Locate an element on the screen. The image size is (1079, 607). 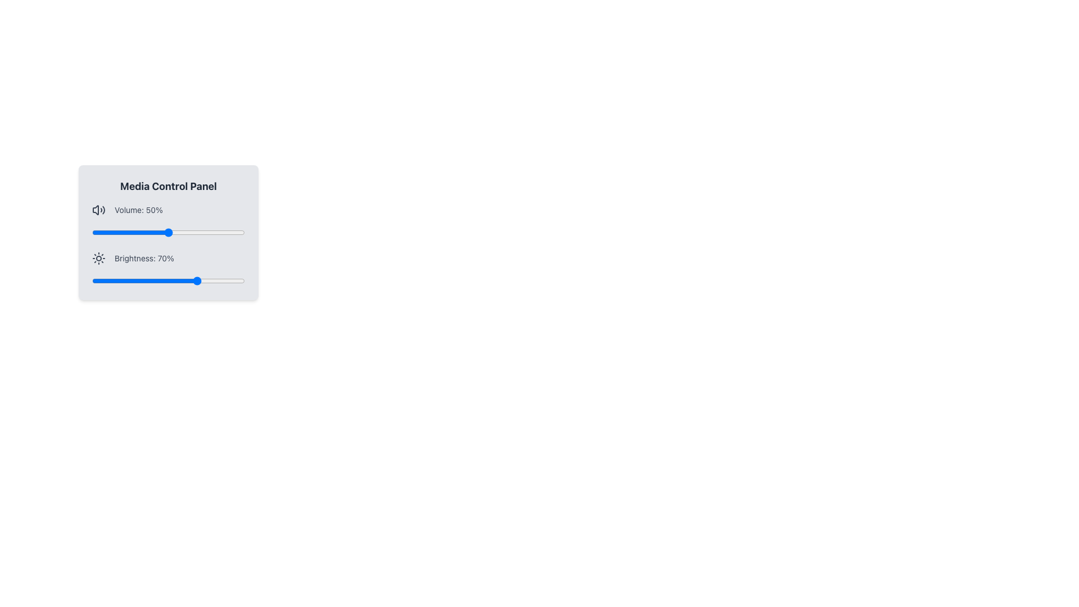
the slider value is located at coordinates (185, 232).